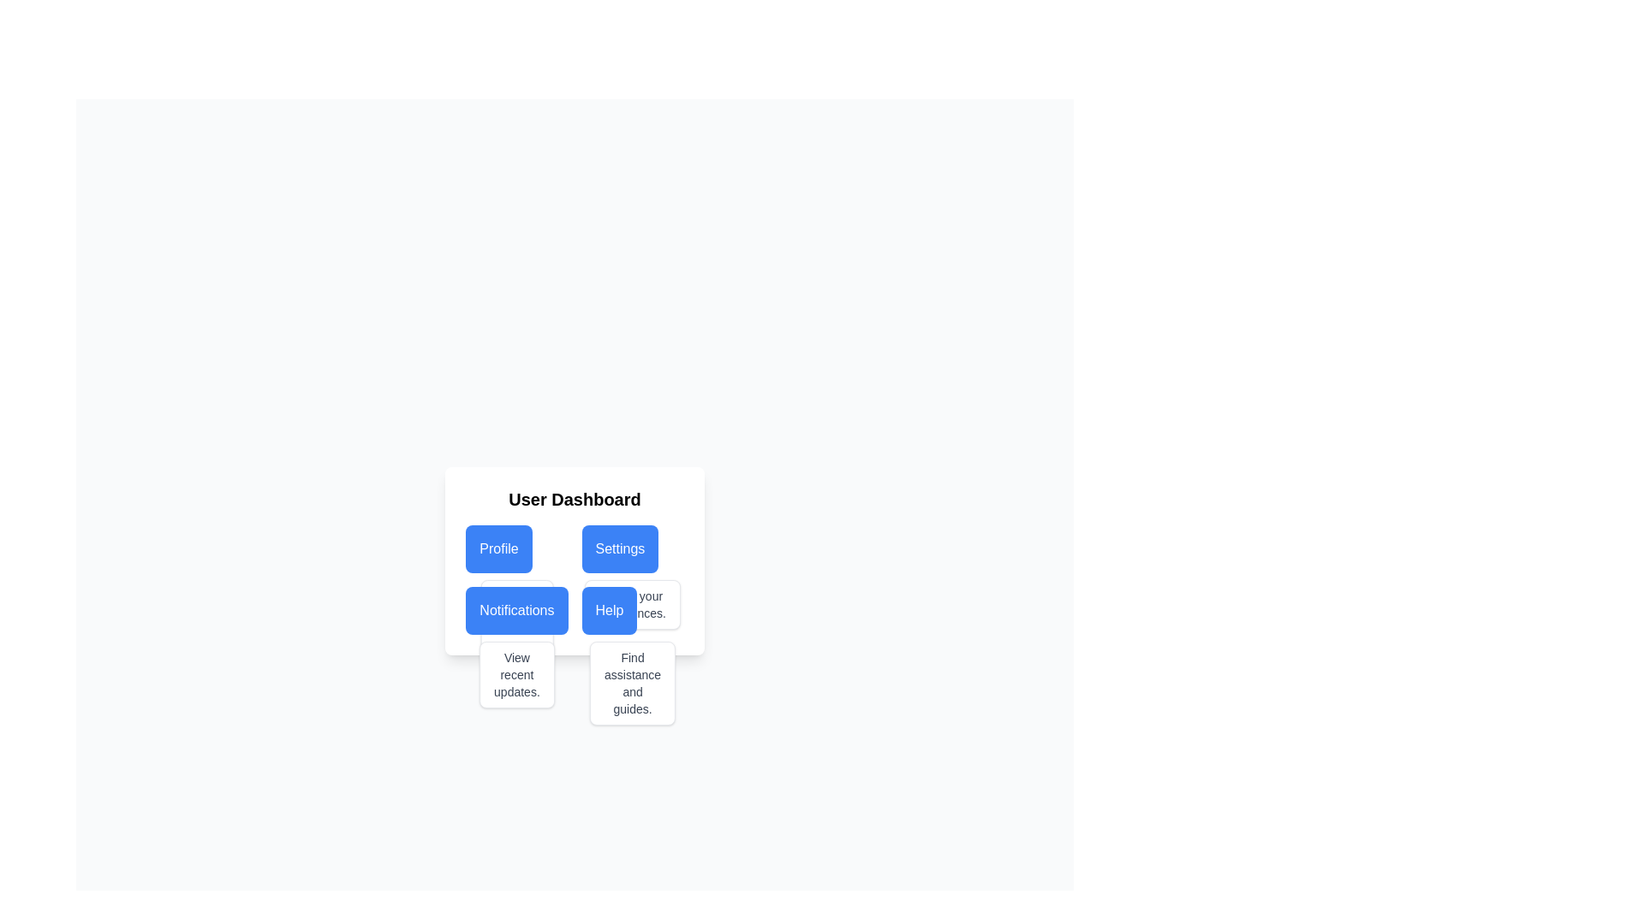 This screenshot has height=924, width=1644. What do you see at coordinates (515, 548) in the screenshot?
I see `the navigation button located in the upper-left corner of the grid` at bounding box center [515, 548].